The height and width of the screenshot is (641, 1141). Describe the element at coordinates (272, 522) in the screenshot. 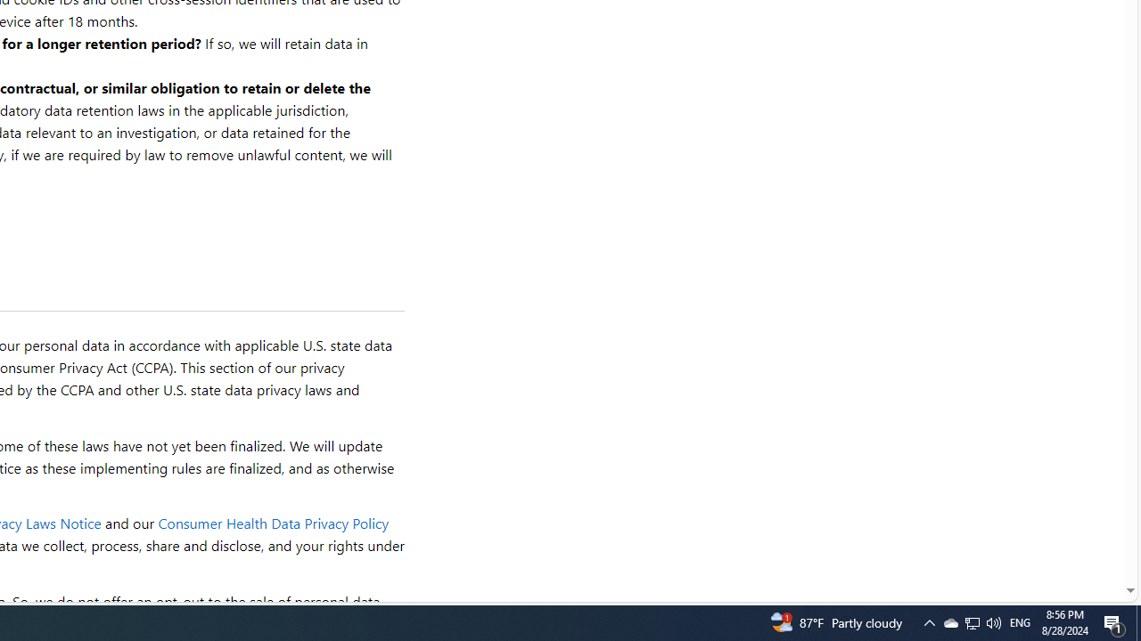

I see `'Consumer Health Data Privacy Policy'` at that location.